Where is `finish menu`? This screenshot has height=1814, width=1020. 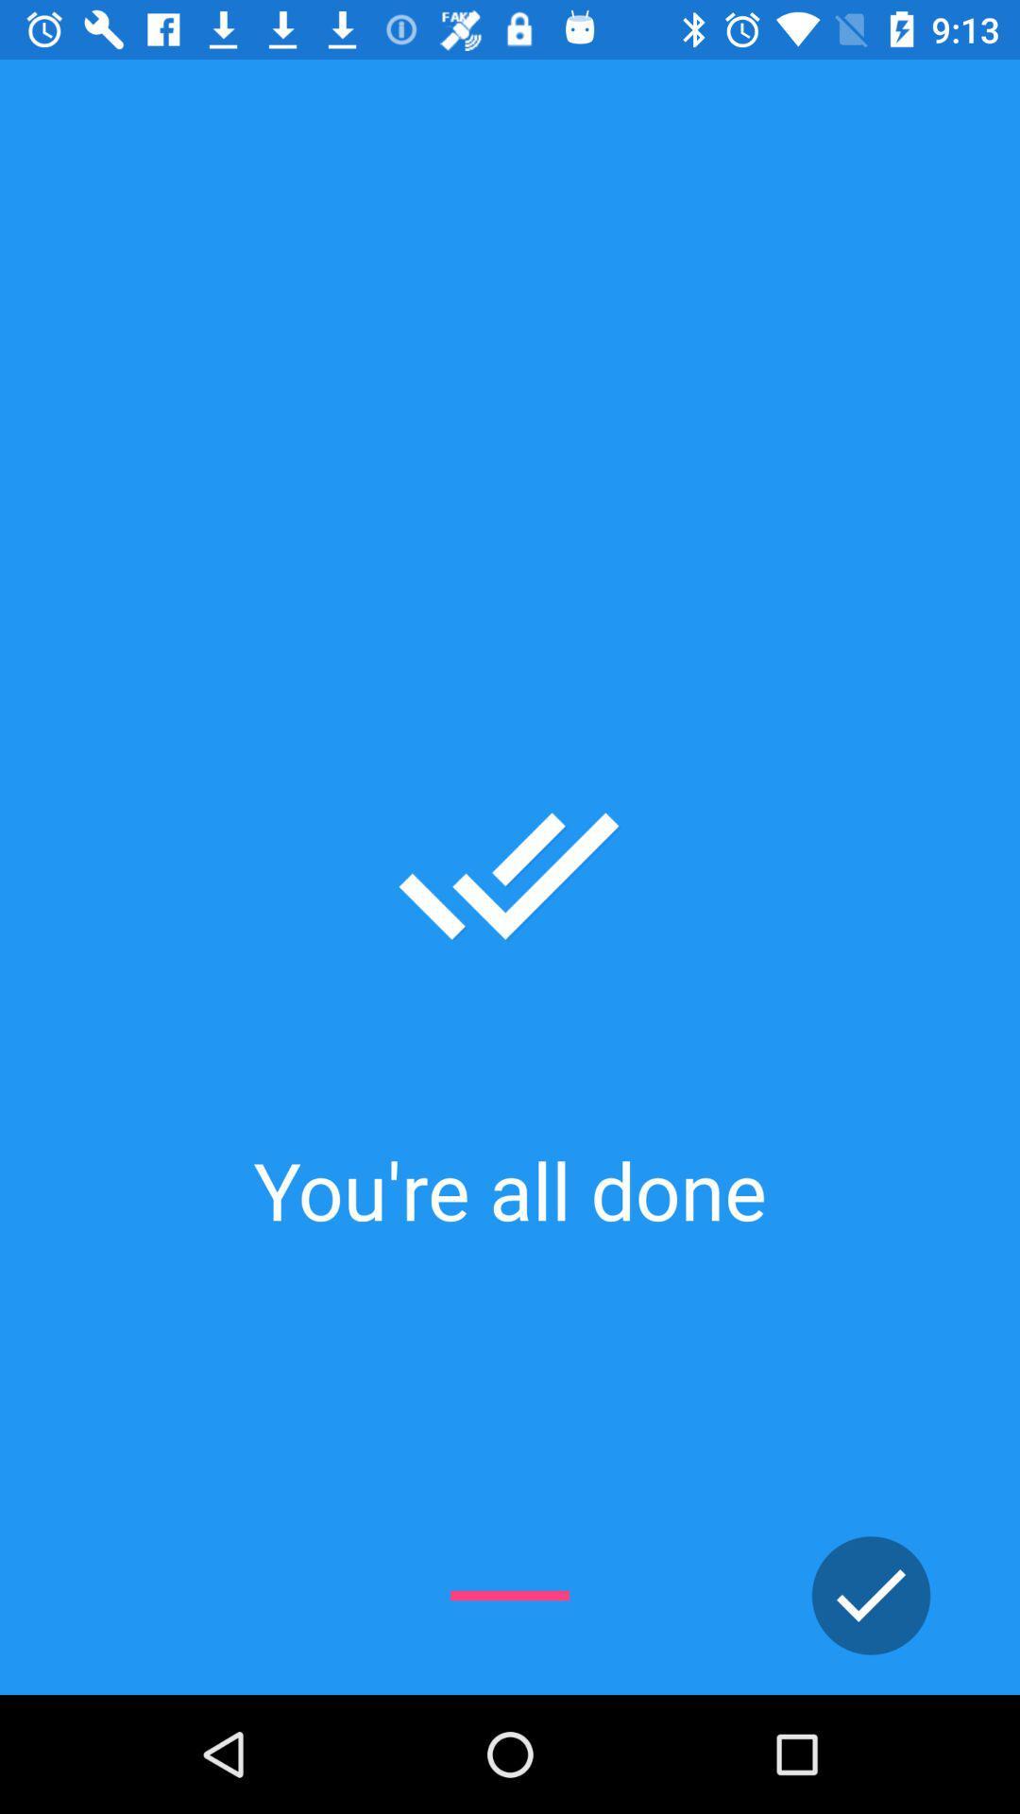 finish menu is located at coordinates (871, 1595).